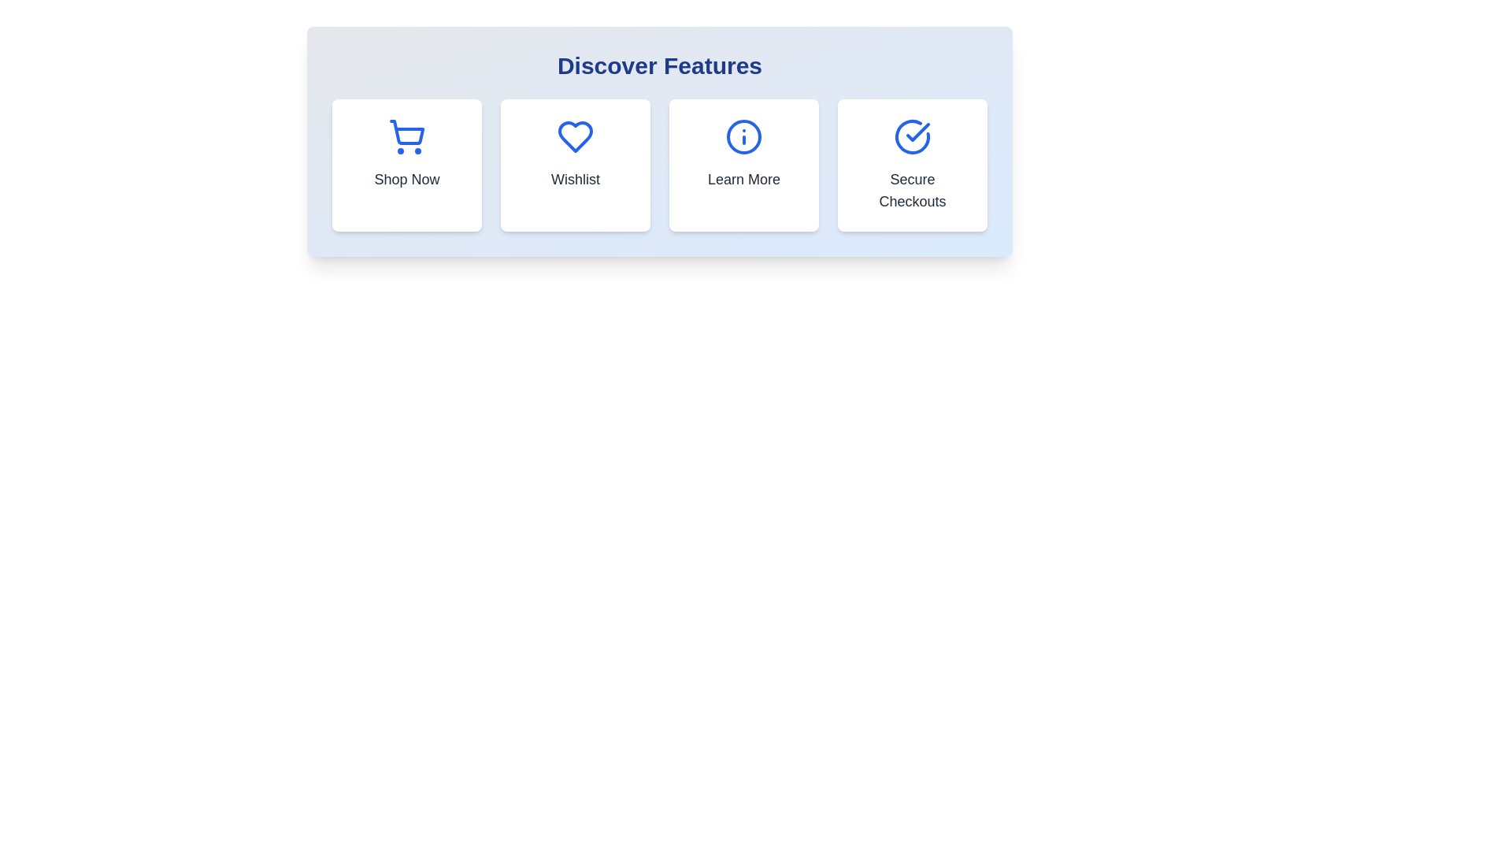 Image resolution: width=1512 pixels, height=851 pixels. Describe the element at coordinates (407, 178) in the screenshot. I see `text displayed in the 'Shop Now' text label, which is in large dark gray font, centered below a blue shopping cart icon` at that location.